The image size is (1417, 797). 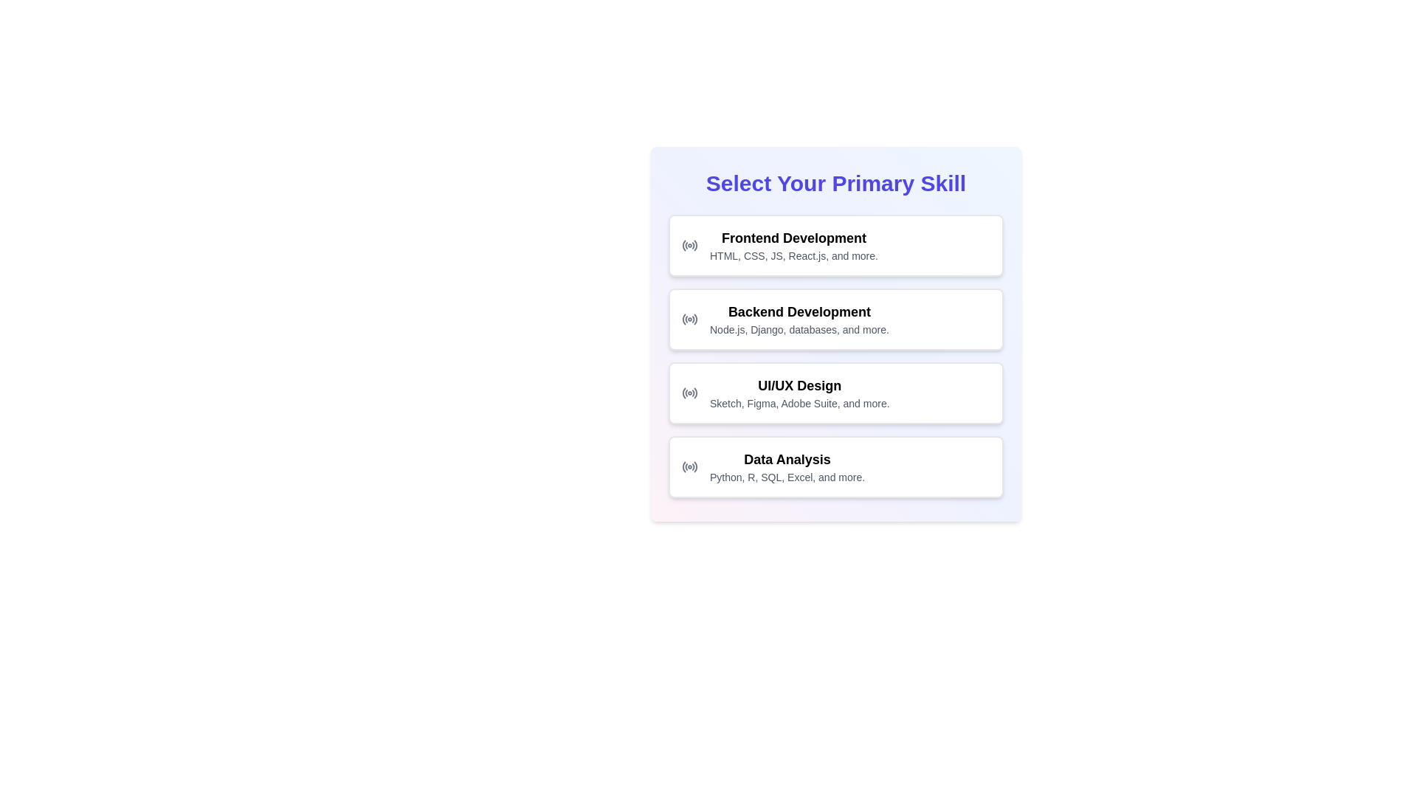 I want to click on the 'Backend Development' skill category option located centrally below 'Frontend Development' and above 'UI/UX Design' in the skill selection list, so click(x=799, y=318).